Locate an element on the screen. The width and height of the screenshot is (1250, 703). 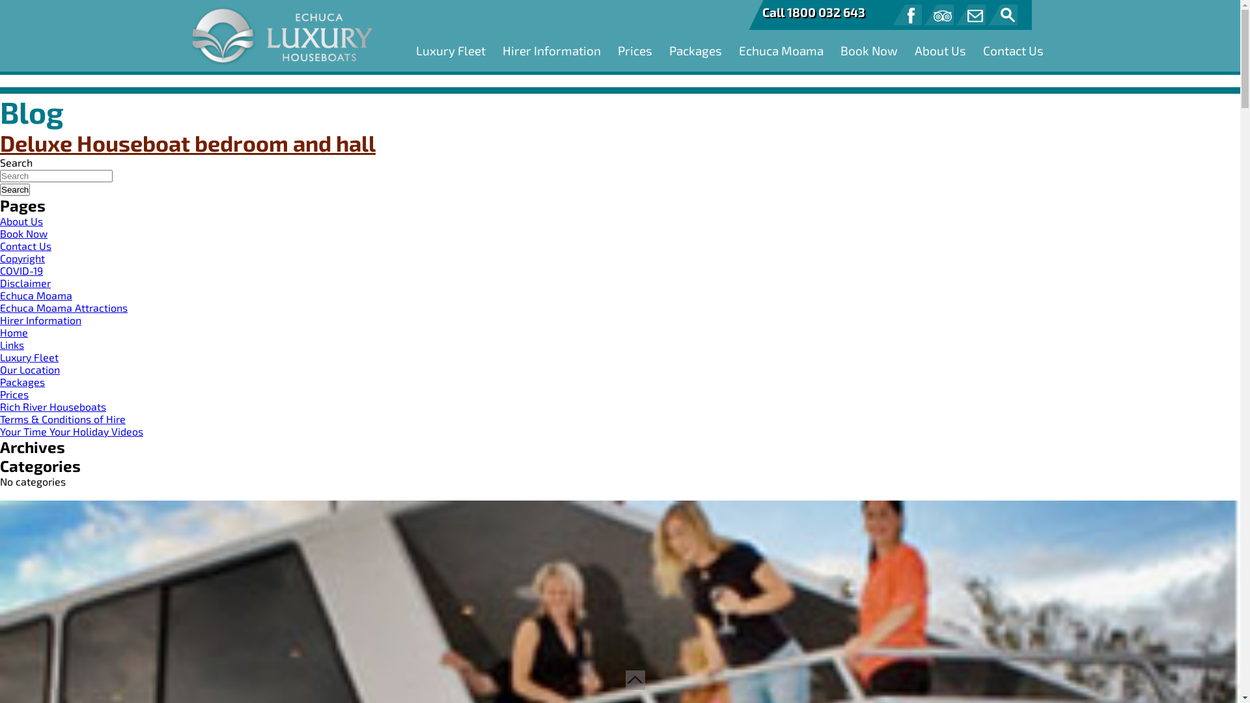
'Book Now' is located at coordinates (23, 232).